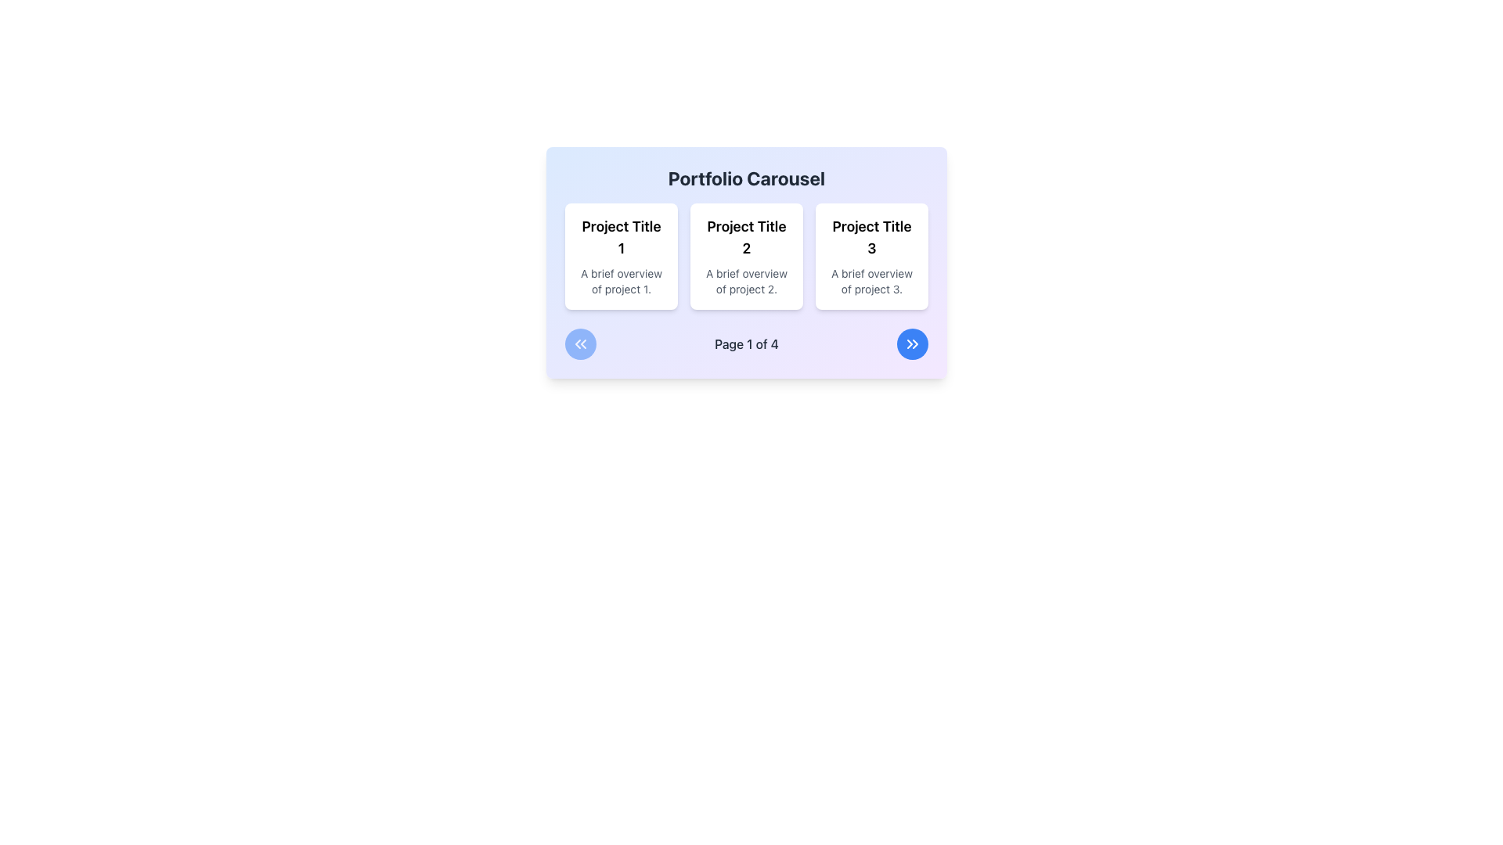  Describe the element at coordinates (746, 238) in the screenshot. I see `the static text component that serves as the title for the project card, located at the top section of the card in the center column` at that location.